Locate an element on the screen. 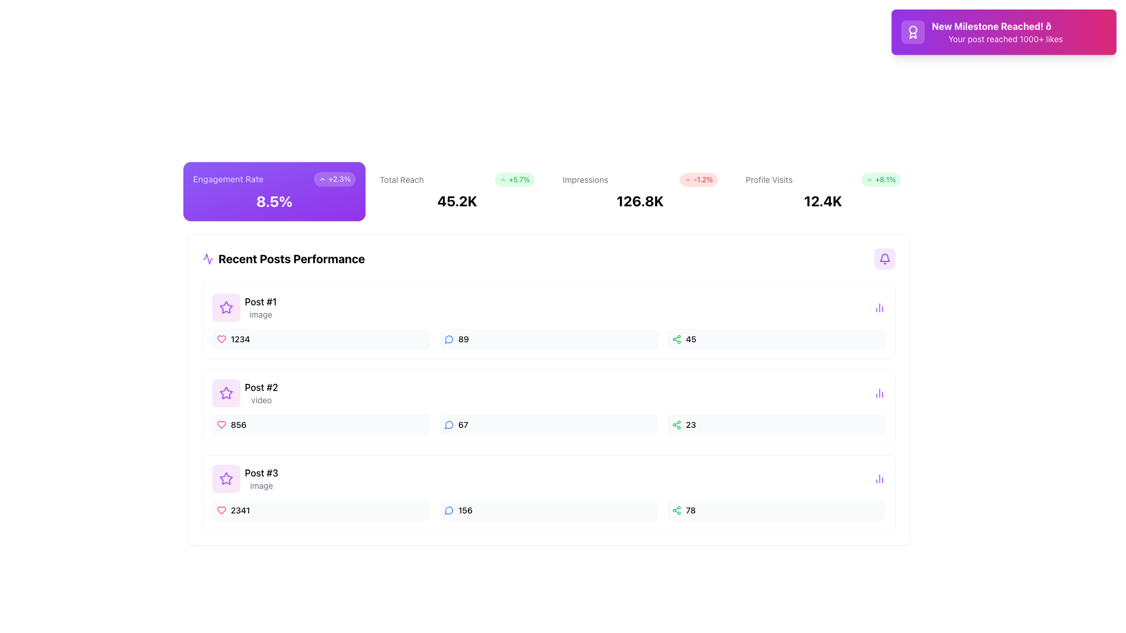 This screenshot has height=633, width=1126. the individual cells of the white grid layout that displays the values '2341', '156', and '78' located in the 'Post #3' item of the 'Recent Posts Performance' section is located at coordinates (548, 510).